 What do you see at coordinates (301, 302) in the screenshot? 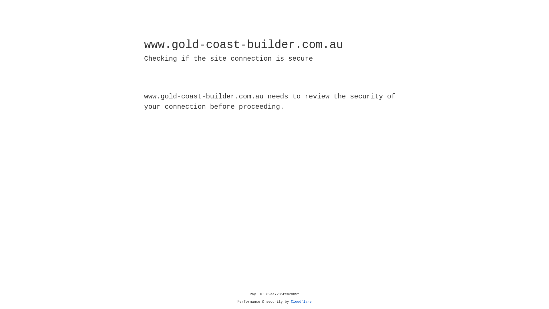
I see `'Cloudflare'` at bounding box center [301, 302].